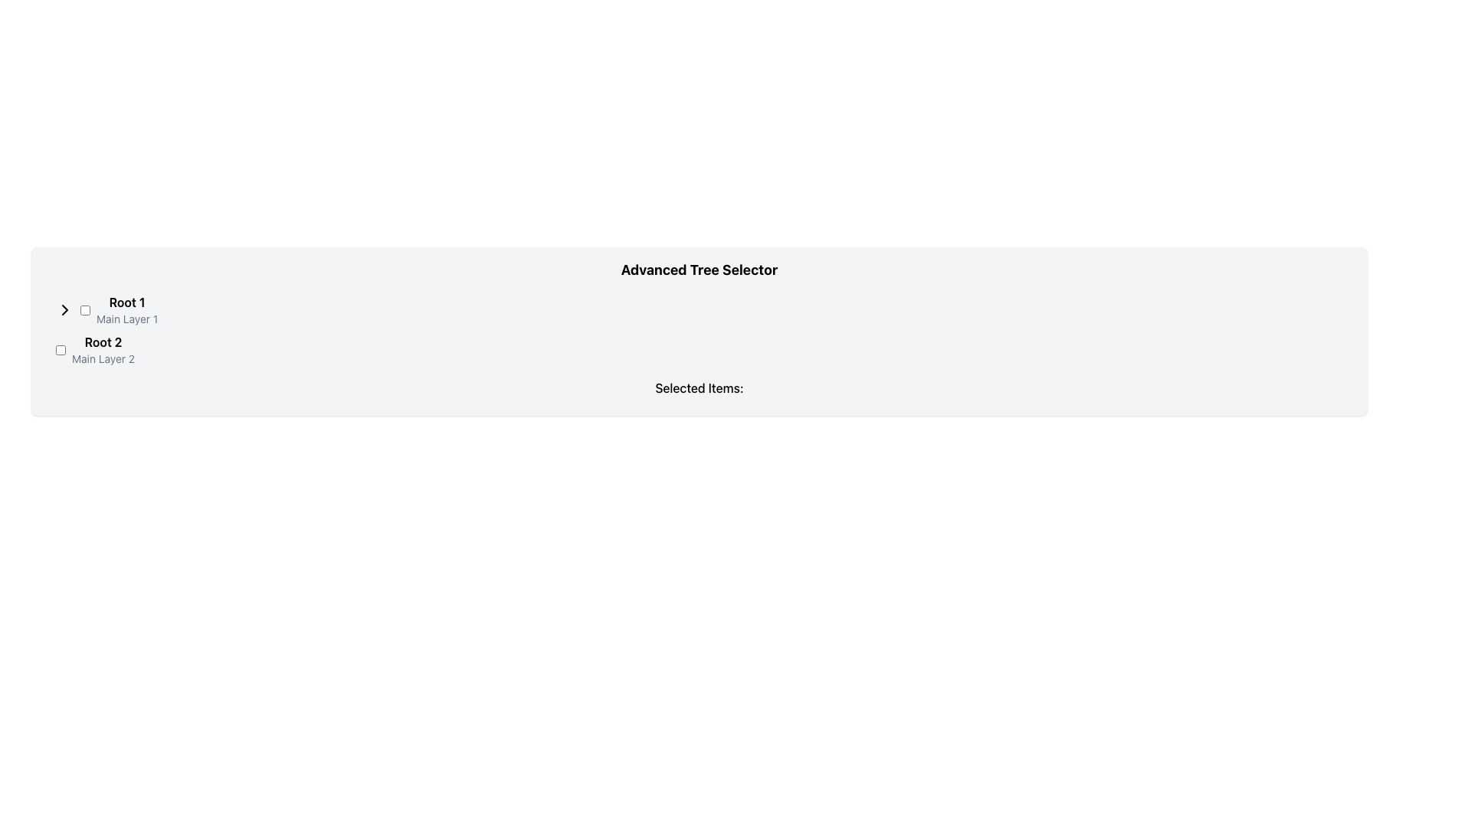 The image size is (1471, 827). I want to click on the right-pointing chevron button, so click(64, 310).